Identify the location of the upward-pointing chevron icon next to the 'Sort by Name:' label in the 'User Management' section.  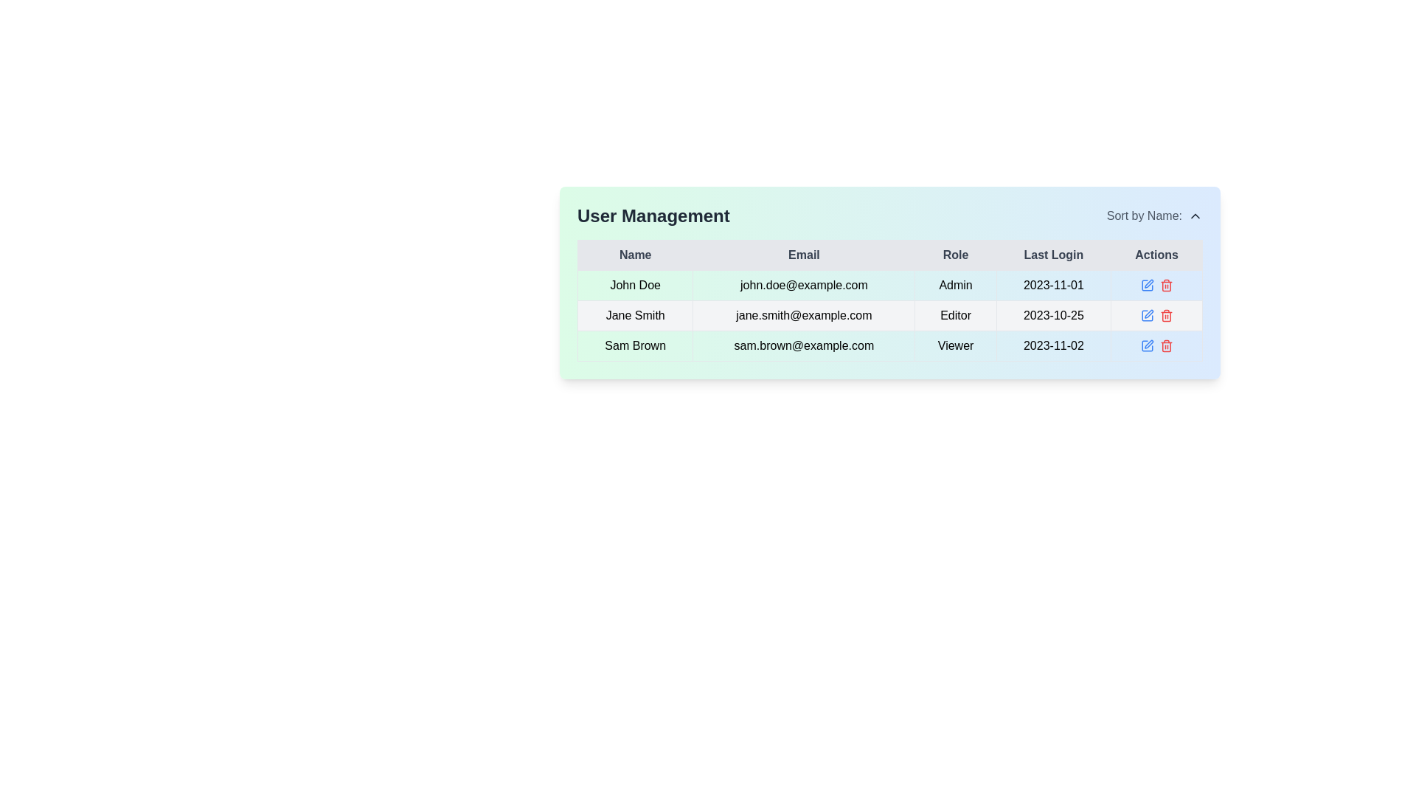
(1195, 216).